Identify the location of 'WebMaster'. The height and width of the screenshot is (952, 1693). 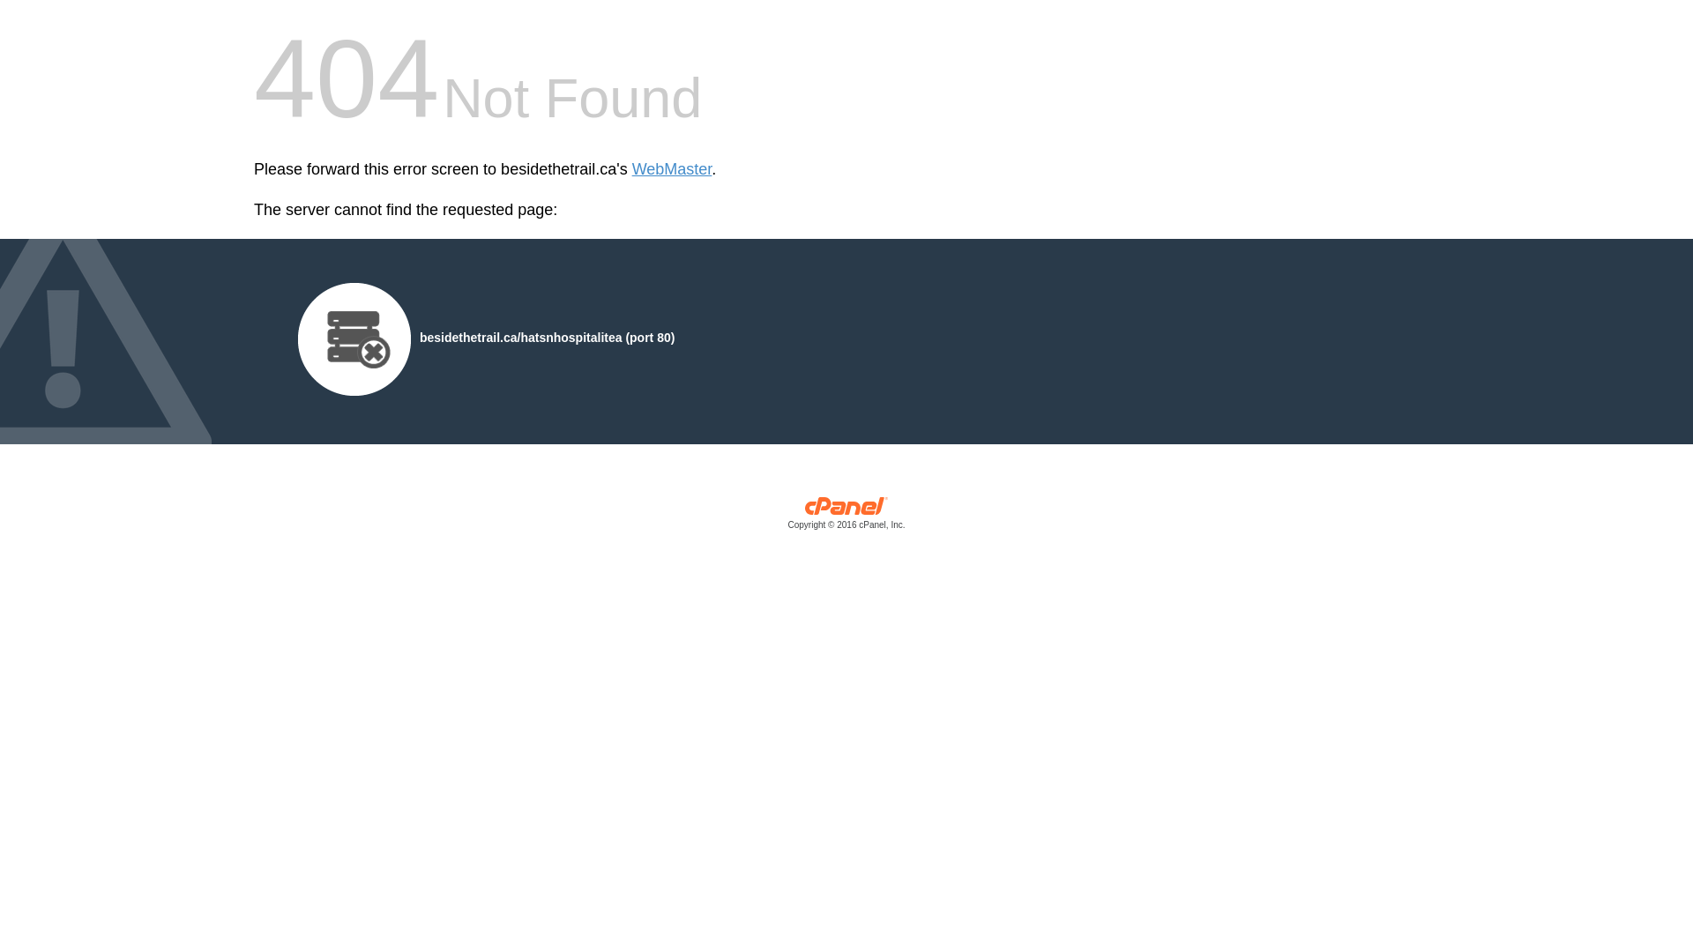
(631, 169).